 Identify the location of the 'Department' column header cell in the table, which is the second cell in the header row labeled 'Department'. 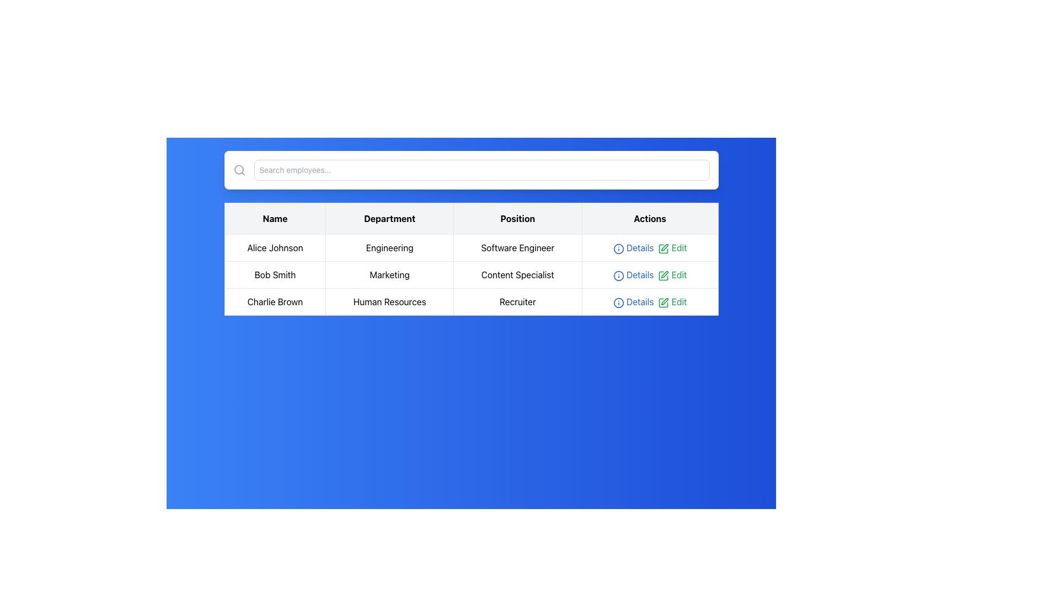
(389, 219).